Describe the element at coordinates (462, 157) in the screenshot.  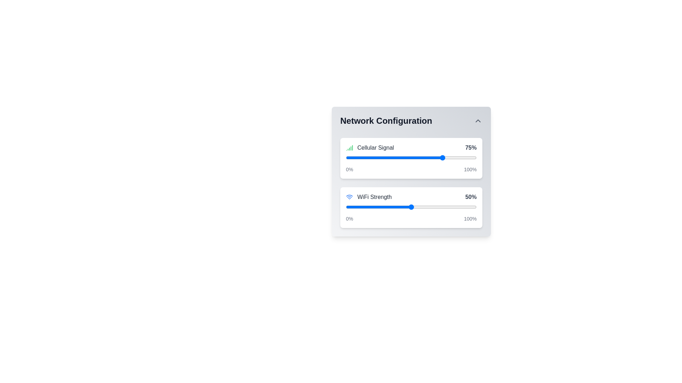
I see `the cellular signal strength` at that location.